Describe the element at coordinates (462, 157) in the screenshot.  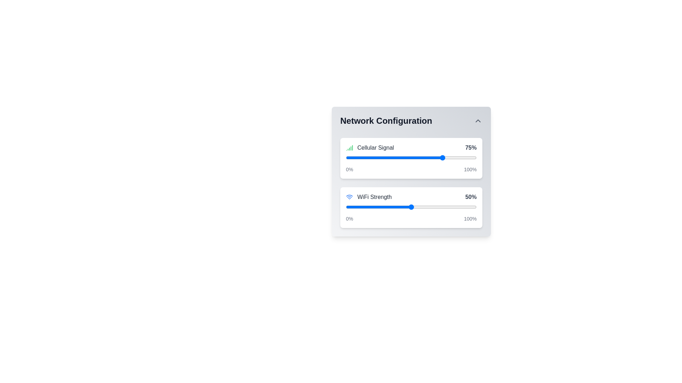
I see `the cellular signal strength` at that location.